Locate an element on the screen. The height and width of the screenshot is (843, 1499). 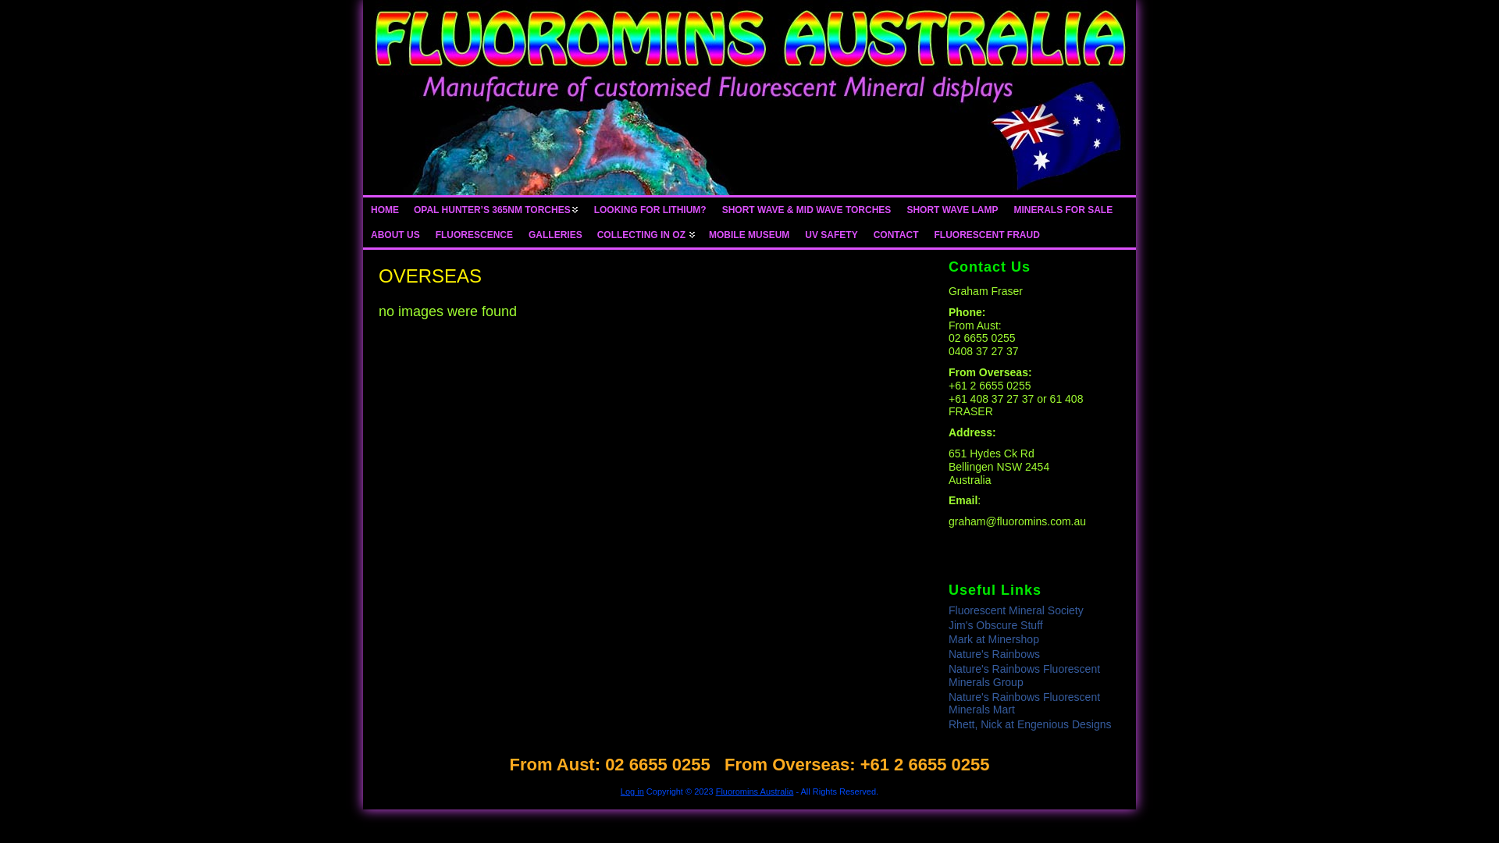
'SHORT WAVE & MID WAVE TORCHES' is located at coordinates (806, 209).